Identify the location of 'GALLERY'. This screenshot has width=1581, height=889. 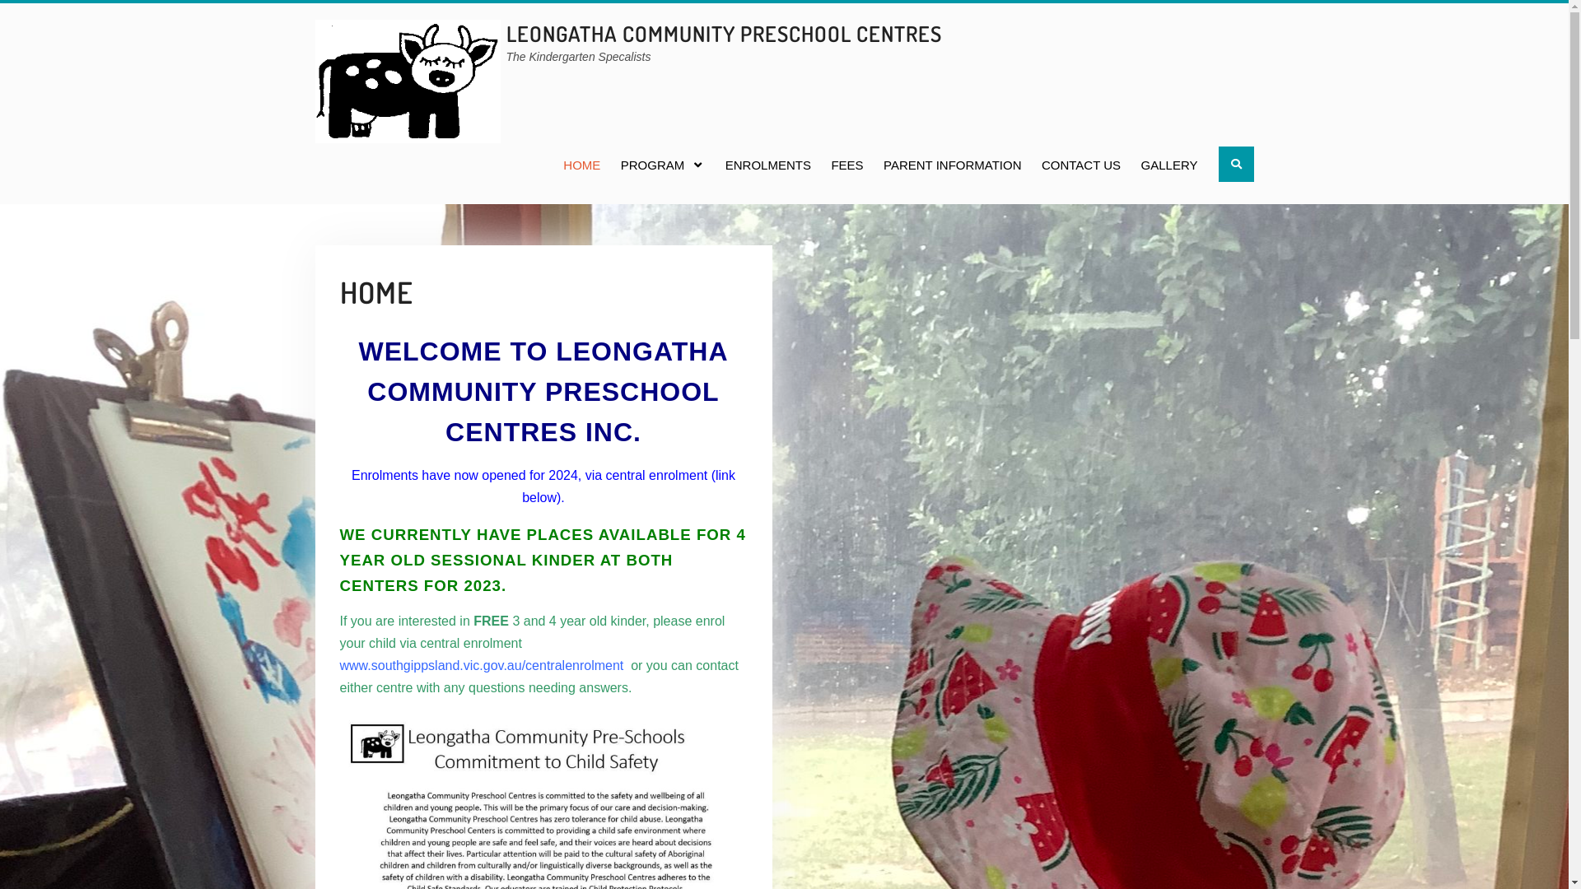
(1168, 165).